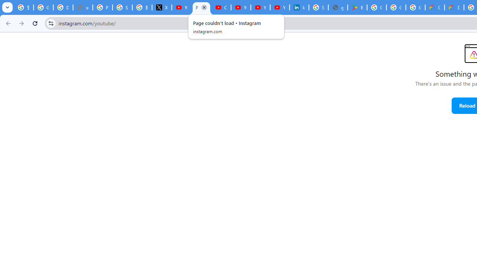  I want to click on 'Privacy Help Center - Policies Help', so click(102, 7).